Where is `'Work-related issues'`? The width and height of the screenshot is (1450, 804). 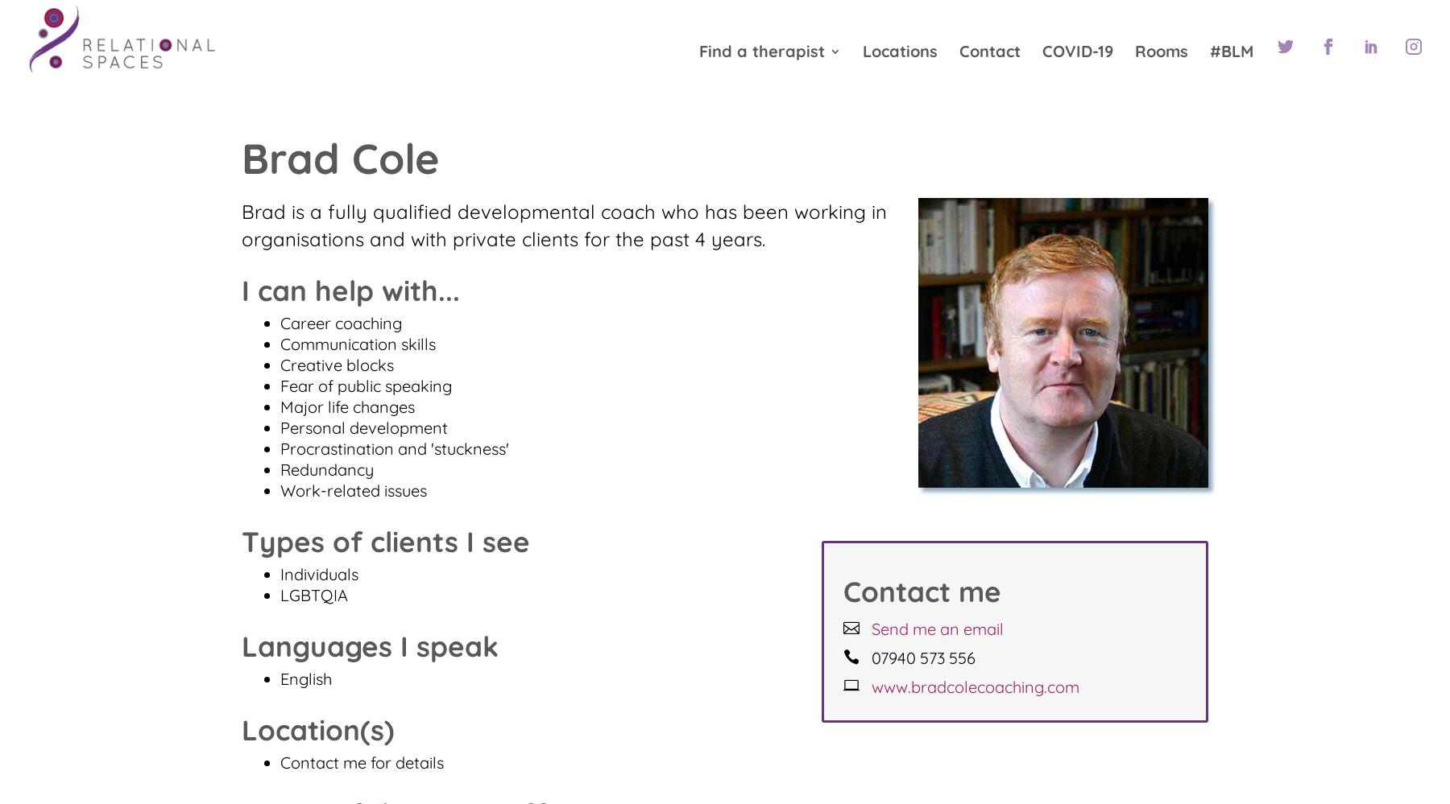 'Work-related issues' is located at coordinates (354, 490).